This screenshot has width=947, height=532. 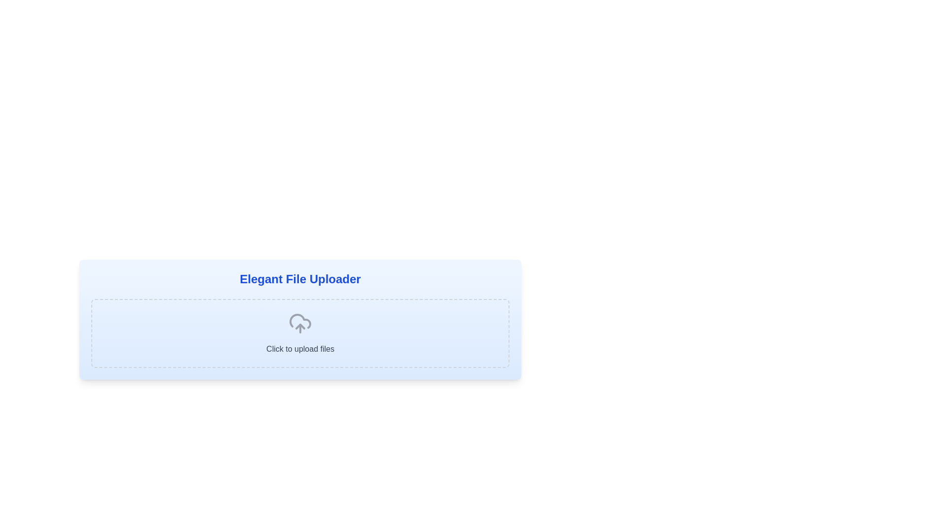 What do you see at coordinates (300, 333) in the screenshot?
I see `the interactive file upload area located under the 'Elegant File Uploader' heading` at bounding box center [300, 333].